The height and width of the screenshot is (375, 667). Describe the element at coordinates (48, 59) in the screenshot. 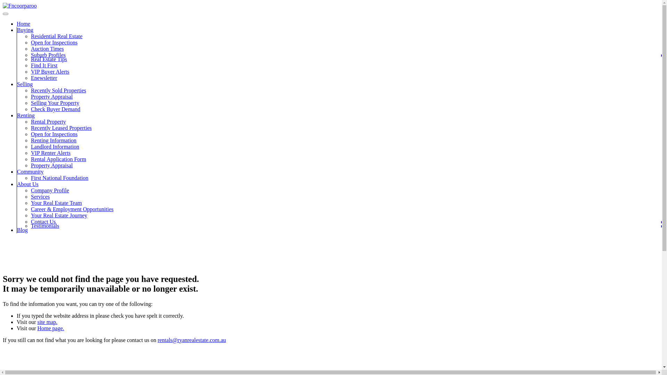

I see `'Real Estate Tips'` at that location.